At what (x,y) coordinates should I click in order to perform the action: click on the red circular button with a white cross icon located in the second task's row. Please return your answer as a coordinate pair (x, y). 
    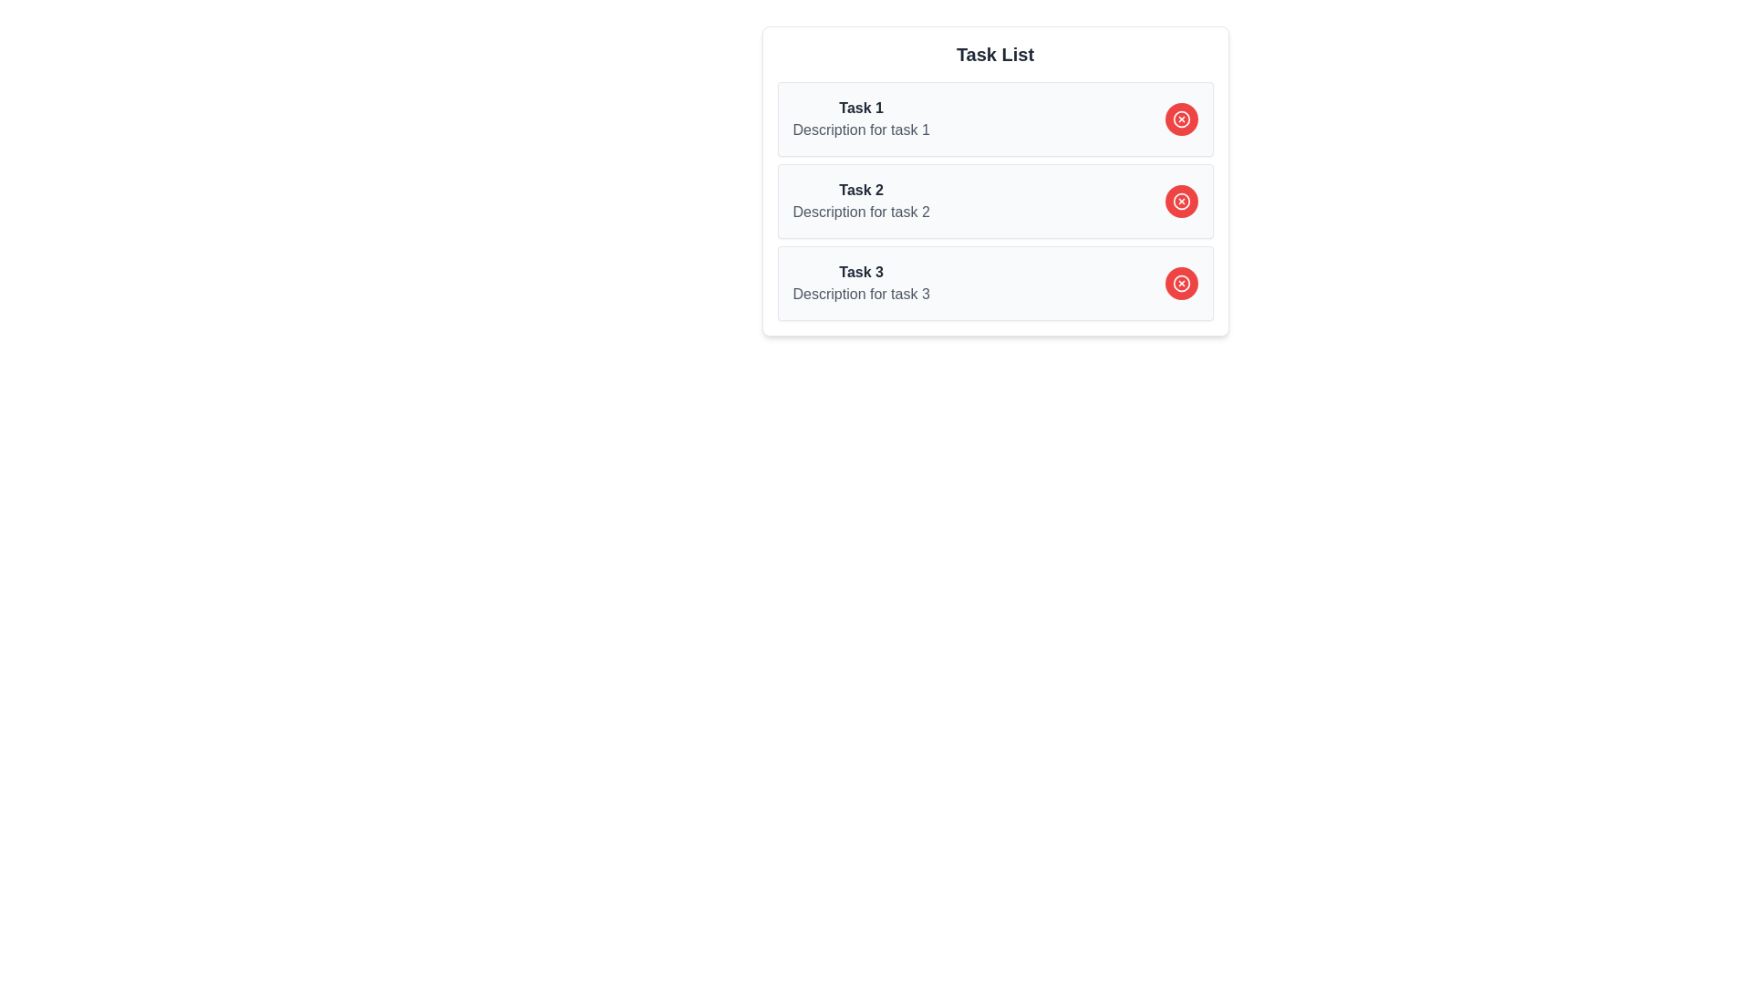
    Looking at the image, I should click on (1181, 201).